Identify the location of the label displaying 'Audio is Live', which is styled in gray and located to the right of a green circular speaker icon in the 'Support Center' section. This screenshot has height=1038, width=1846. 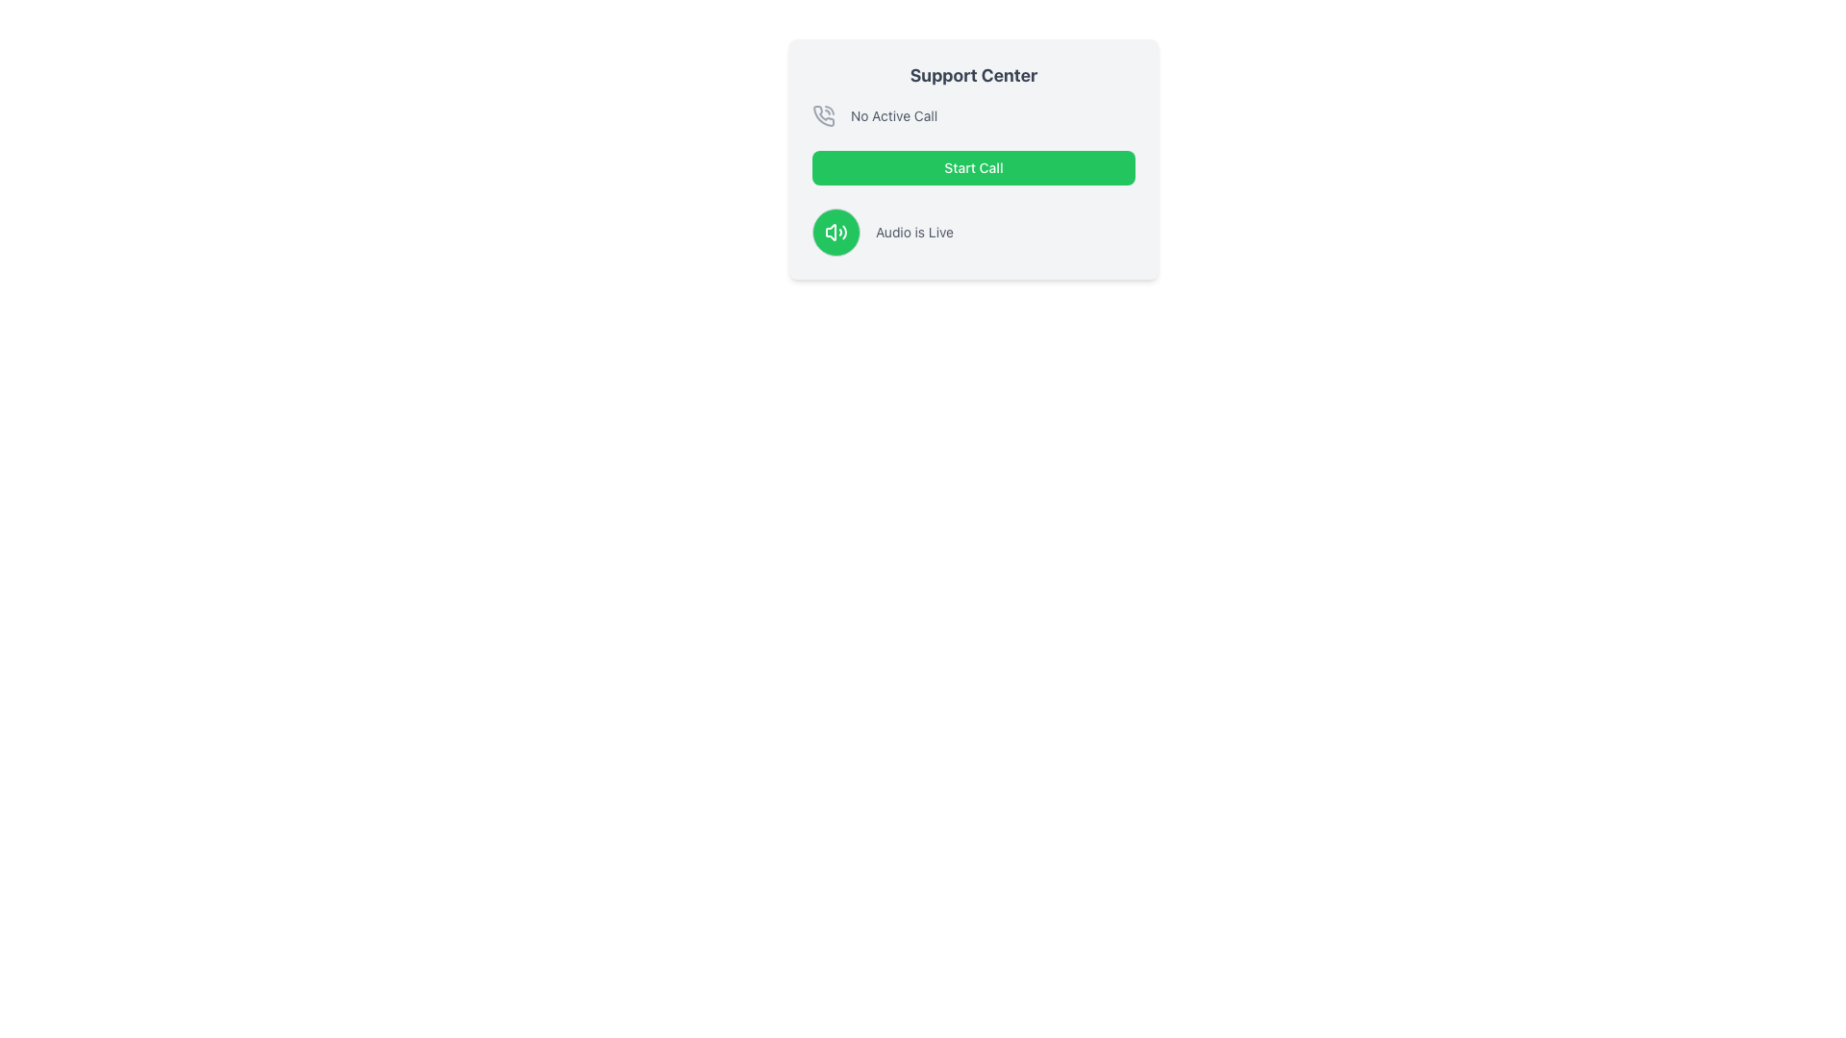
(913, 232).